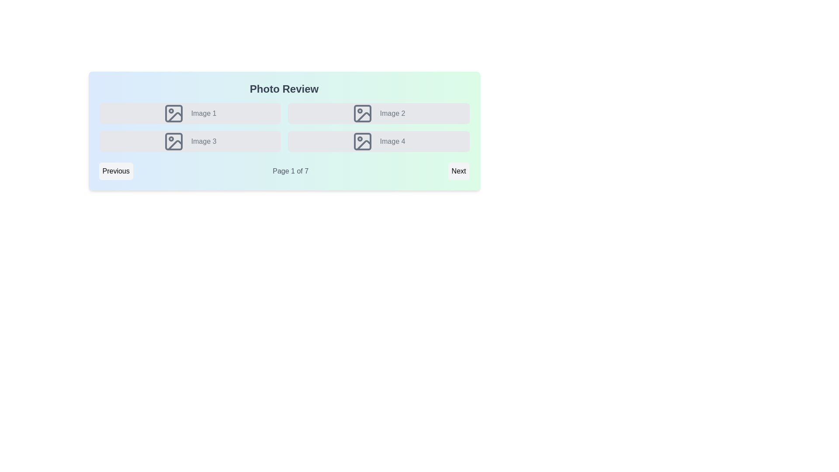 This screenshot has width=839, height=472. What do you see at coordinates (378, 113) in the screenshot?
I see `the top-right selectable grid item which represents 'Image 2'` at bounding box center [378, 113].